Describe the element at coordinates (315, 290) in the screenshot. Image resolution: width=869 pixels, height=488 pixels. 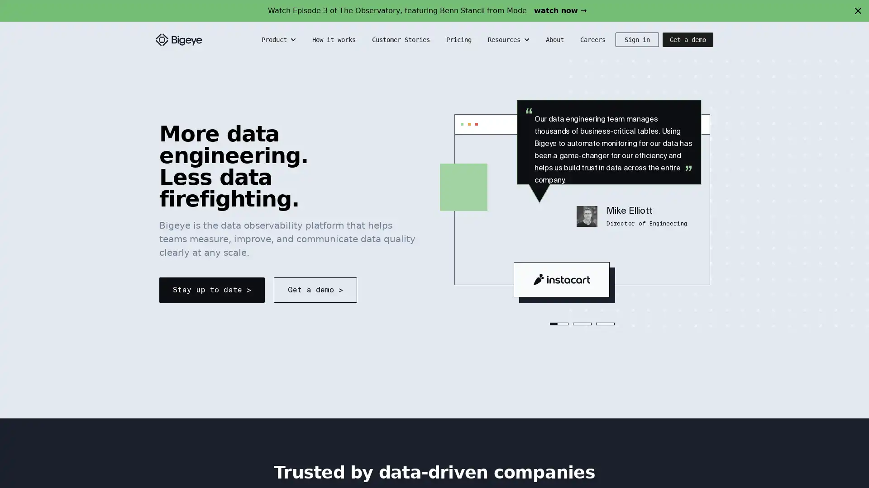
I see `Get a demo >` at that location.